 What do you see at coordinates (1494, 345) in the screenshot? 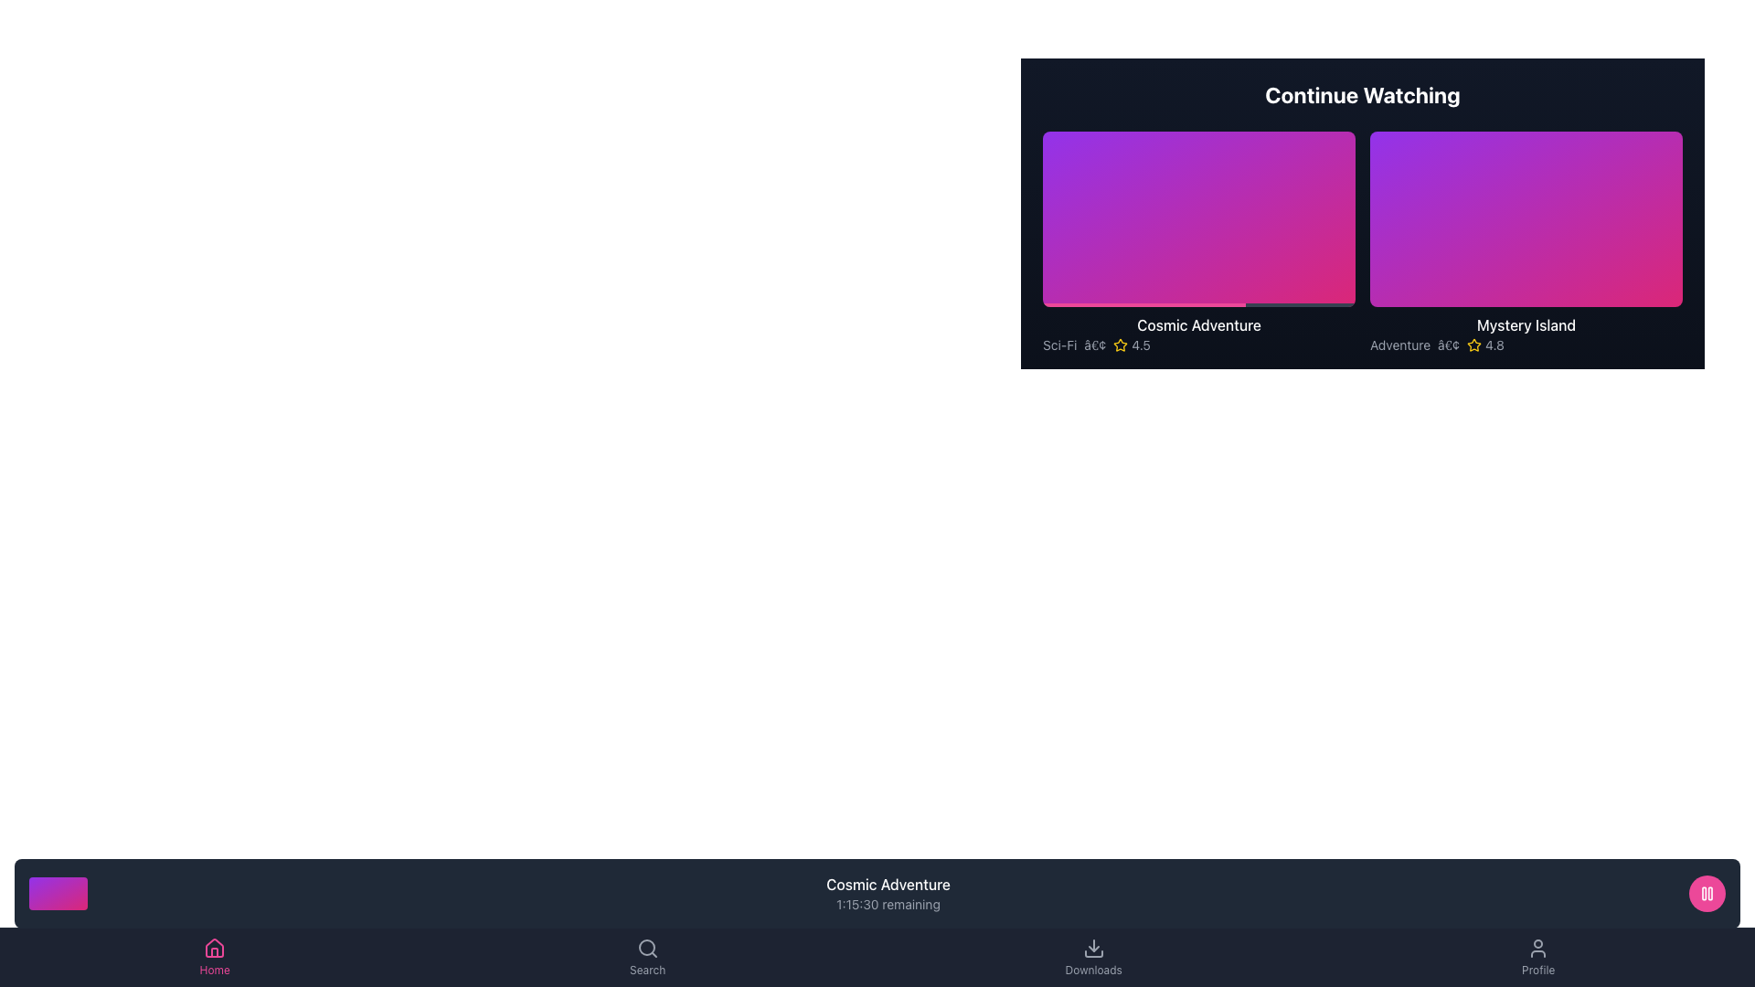
I see `the numeric text label displaying '4.8', which is styled in a compact, sans-serif font and located beneath the 'Mystery Island' thumbnail in the 'Continue Watching' section` at bounding box center [1494, 345].